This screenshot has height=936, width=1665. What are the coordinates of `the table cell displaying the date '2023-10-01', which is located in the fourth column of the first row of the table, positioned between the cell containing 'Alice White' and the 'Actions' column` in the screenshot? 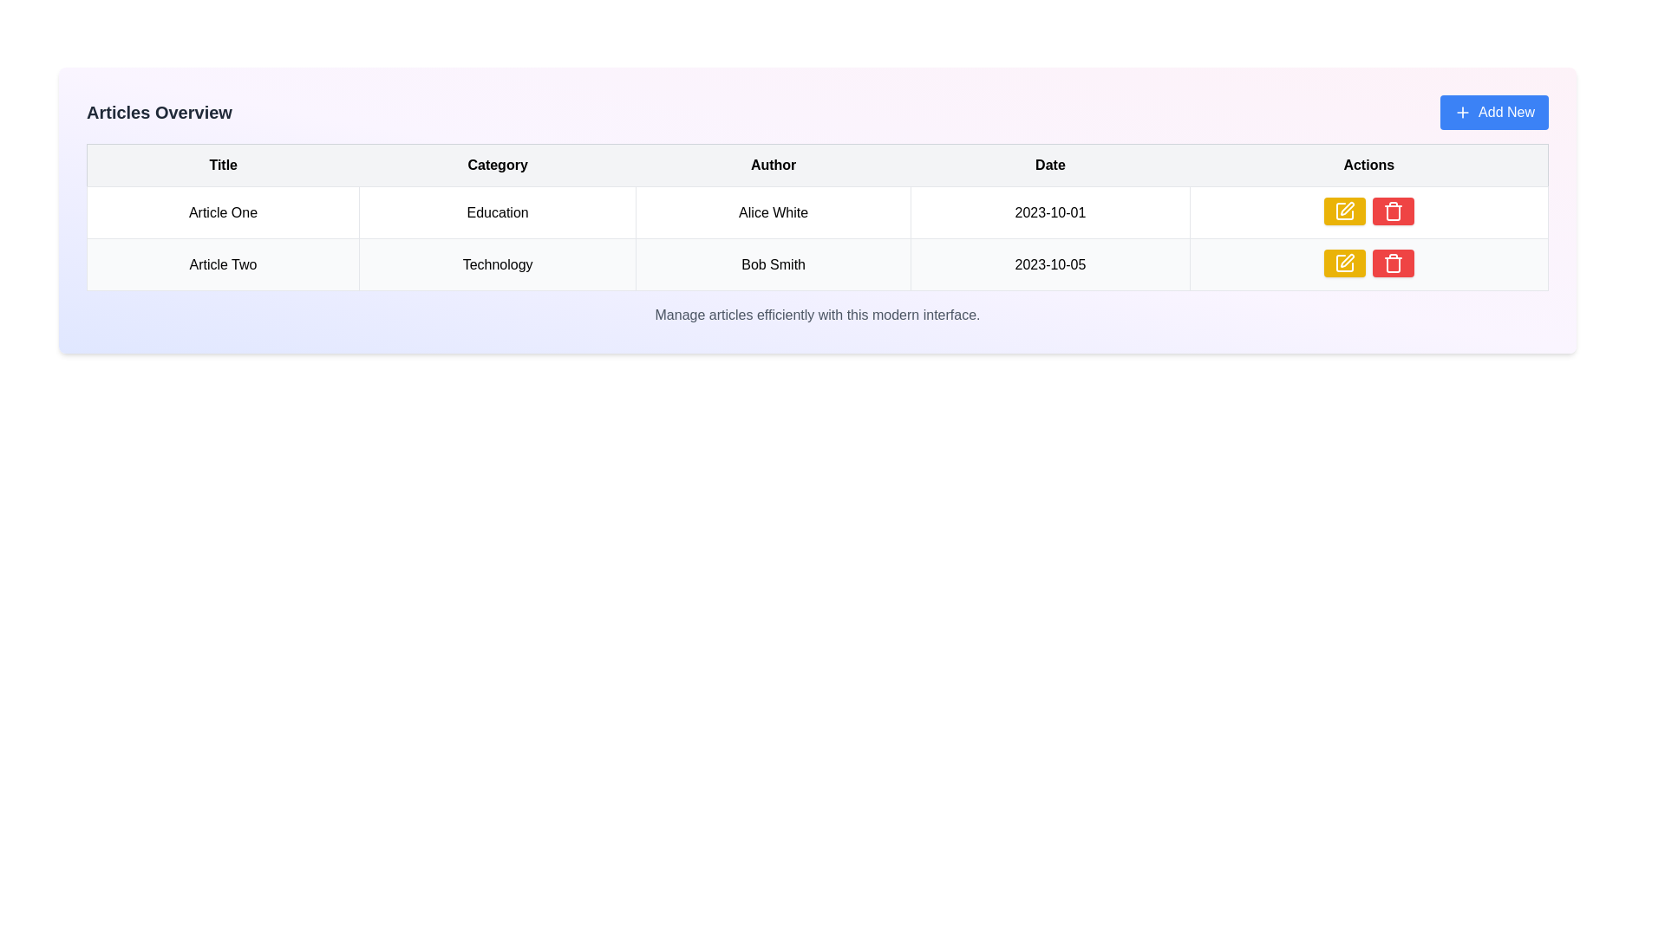 It's located at (1049, 211).